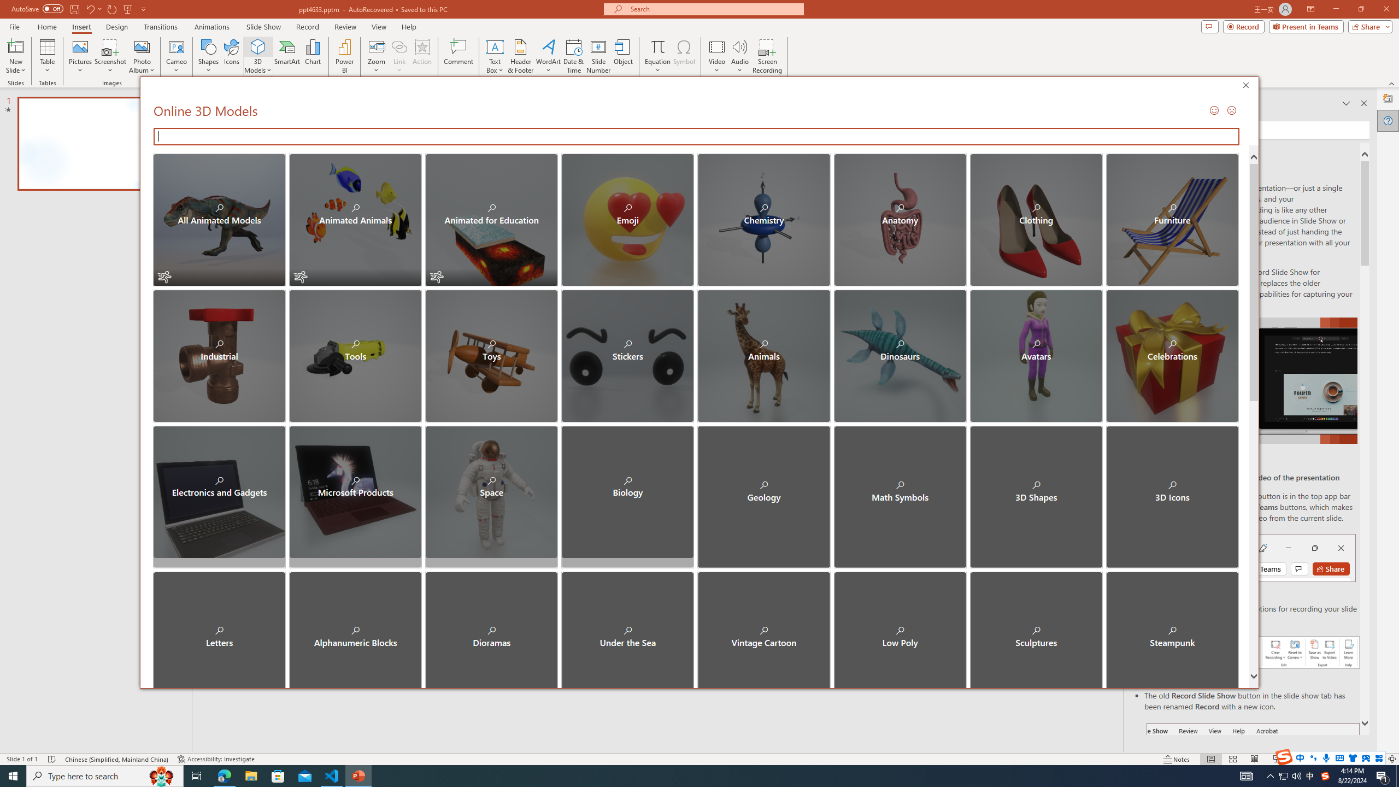  I want to click on 'Screenshot', so click(110, 56).